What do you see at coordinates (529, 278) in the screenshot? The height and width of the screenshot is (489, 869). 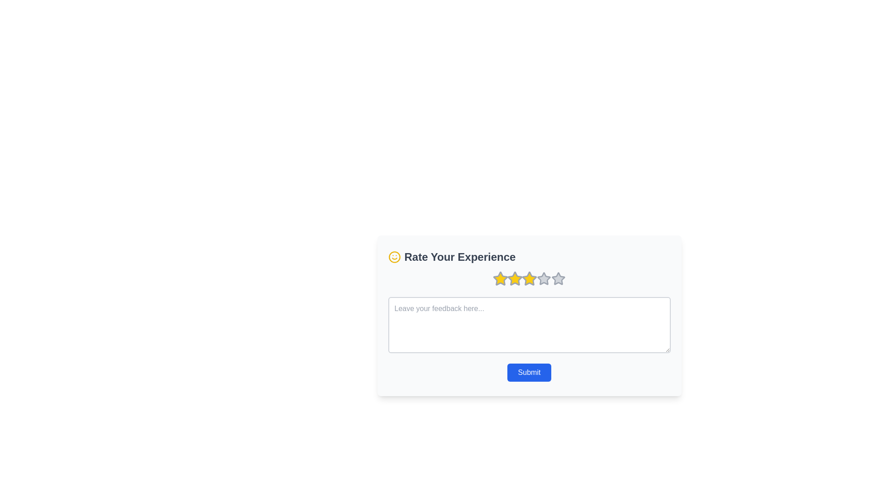 I see `the star in the Interactive rating stars widget` at bounding box center [529, 278].